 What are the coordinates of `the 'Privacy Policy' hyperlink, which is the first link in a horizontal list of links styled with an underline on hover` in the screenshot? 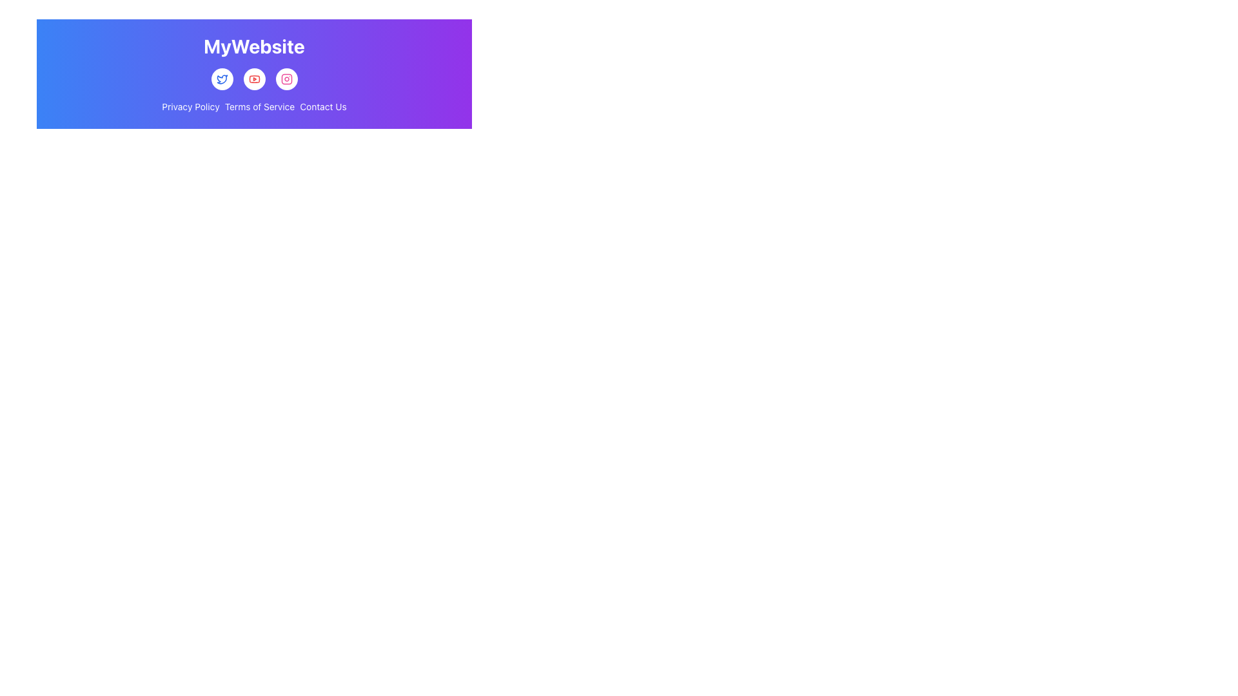 It's located at (190, 106).